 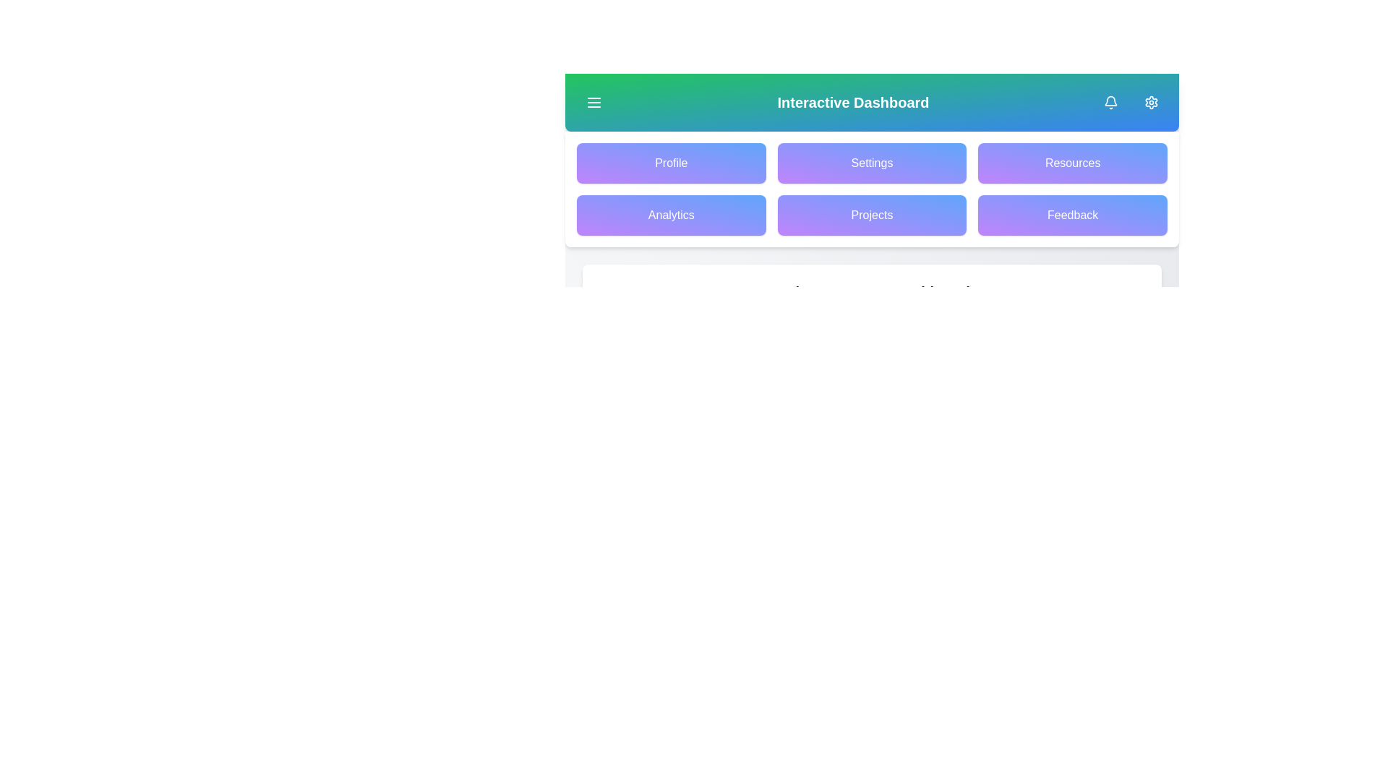 I want to click on the Profile button in the grid, so click(x=670, y=163).